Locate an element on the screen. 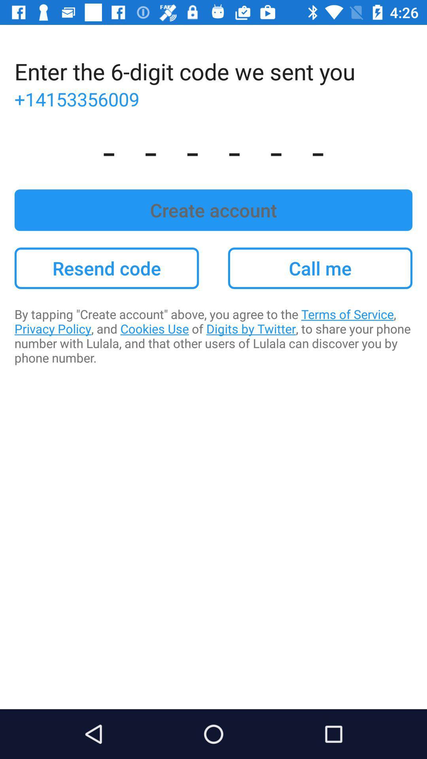 The width and height of the screenshot is (427, 759). item below +14153356009 is located at coordinates (213, 150).